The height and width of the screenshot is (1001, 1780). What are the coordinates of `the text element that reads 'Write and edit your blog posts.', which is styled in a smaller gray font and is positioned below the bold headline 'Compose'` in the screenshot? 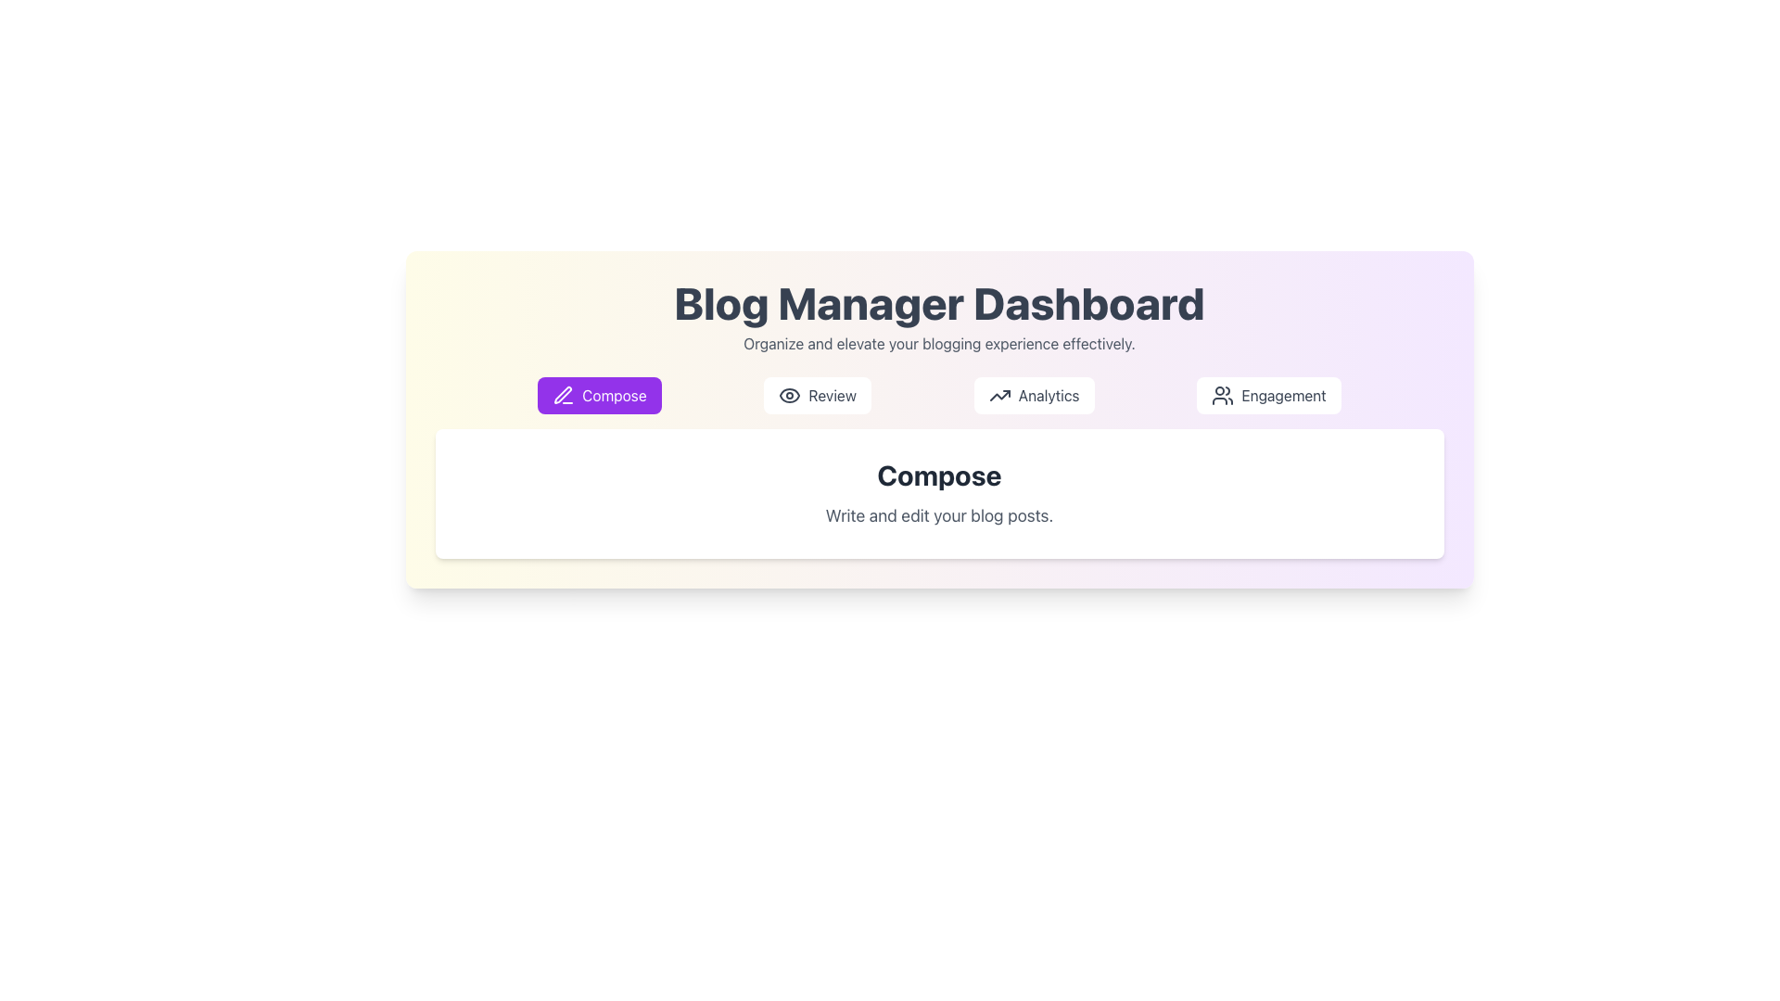 It's located at (939, 515).